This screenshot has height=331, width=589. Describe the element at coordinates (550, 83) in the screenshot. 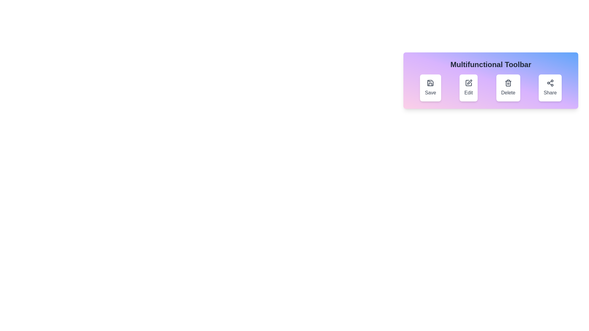

I see `the sharing icon located within the fourth button labeled 'Share' in the Multifunctional Toolbar` at that location.